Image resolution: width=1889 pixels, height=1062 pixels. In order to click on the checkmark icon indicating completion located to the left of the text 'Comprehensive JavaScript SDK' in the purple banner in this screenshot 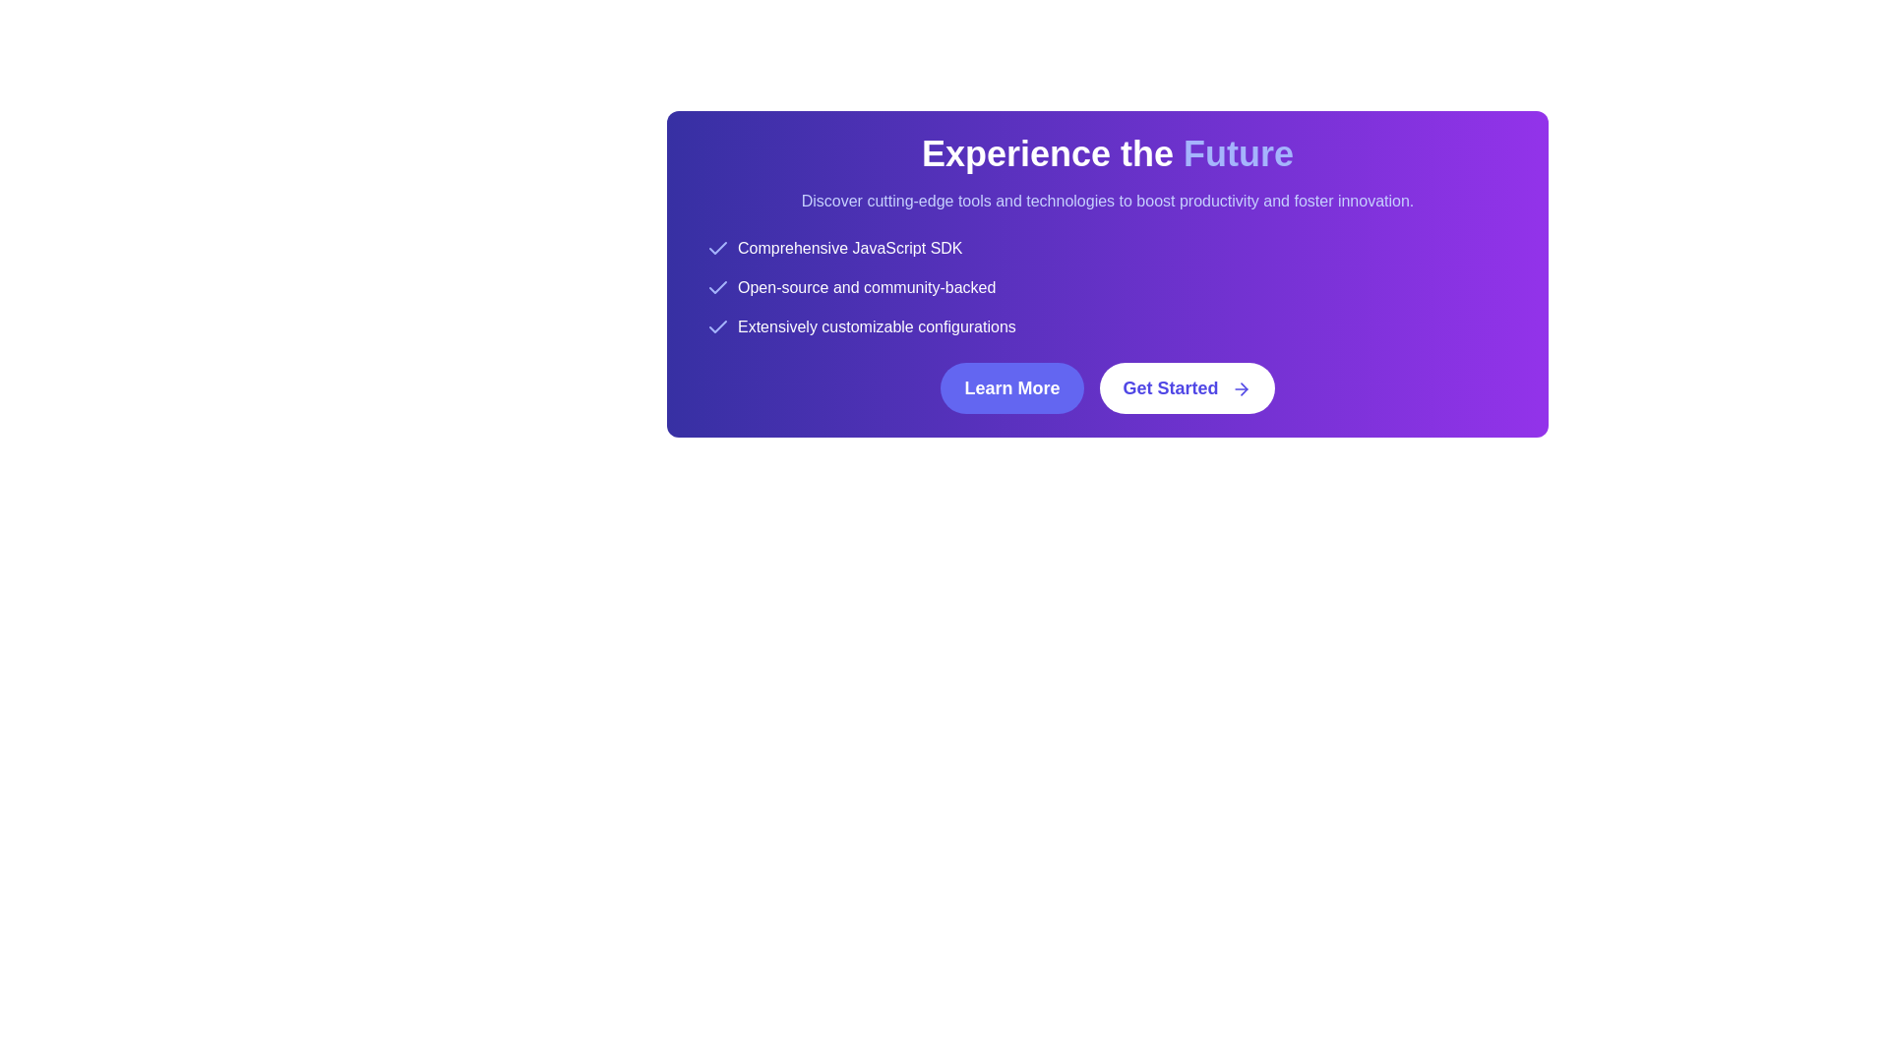, I will do `click(716, 247)`.